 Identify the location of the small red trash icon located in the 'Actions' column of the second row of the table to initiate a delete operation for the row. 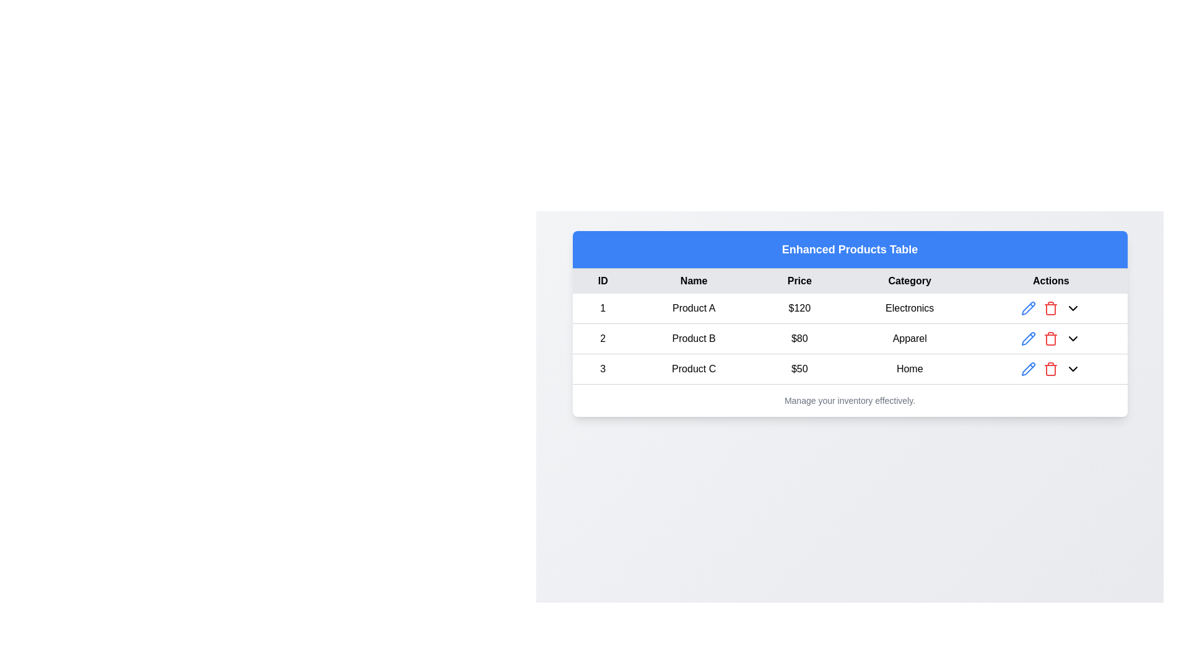
(1050, 339).